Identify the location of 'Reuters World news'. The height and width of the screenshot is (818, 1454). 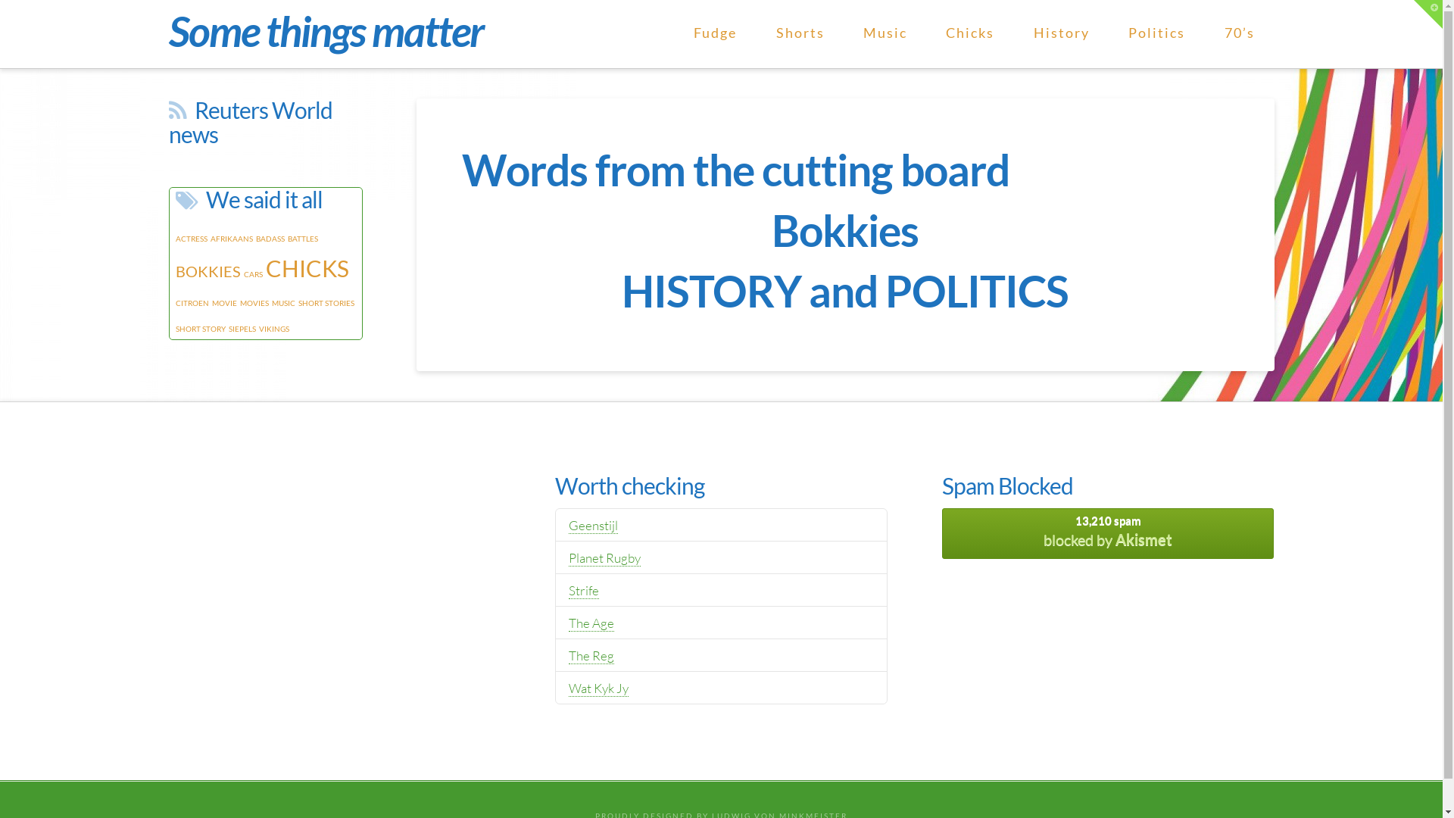
(167, 121).